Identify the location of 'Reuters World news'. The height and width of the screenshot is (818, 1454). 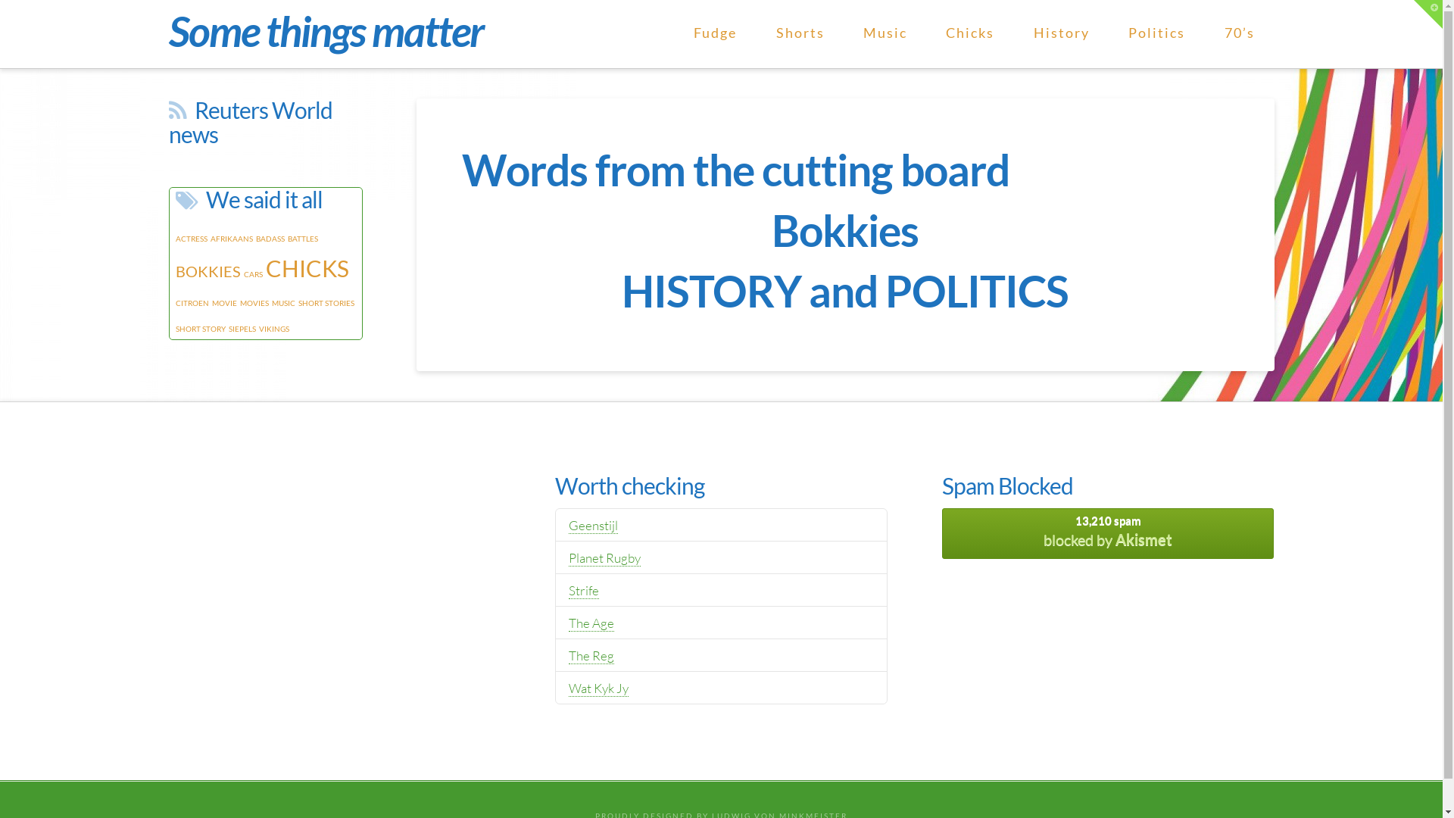
(167, 121).